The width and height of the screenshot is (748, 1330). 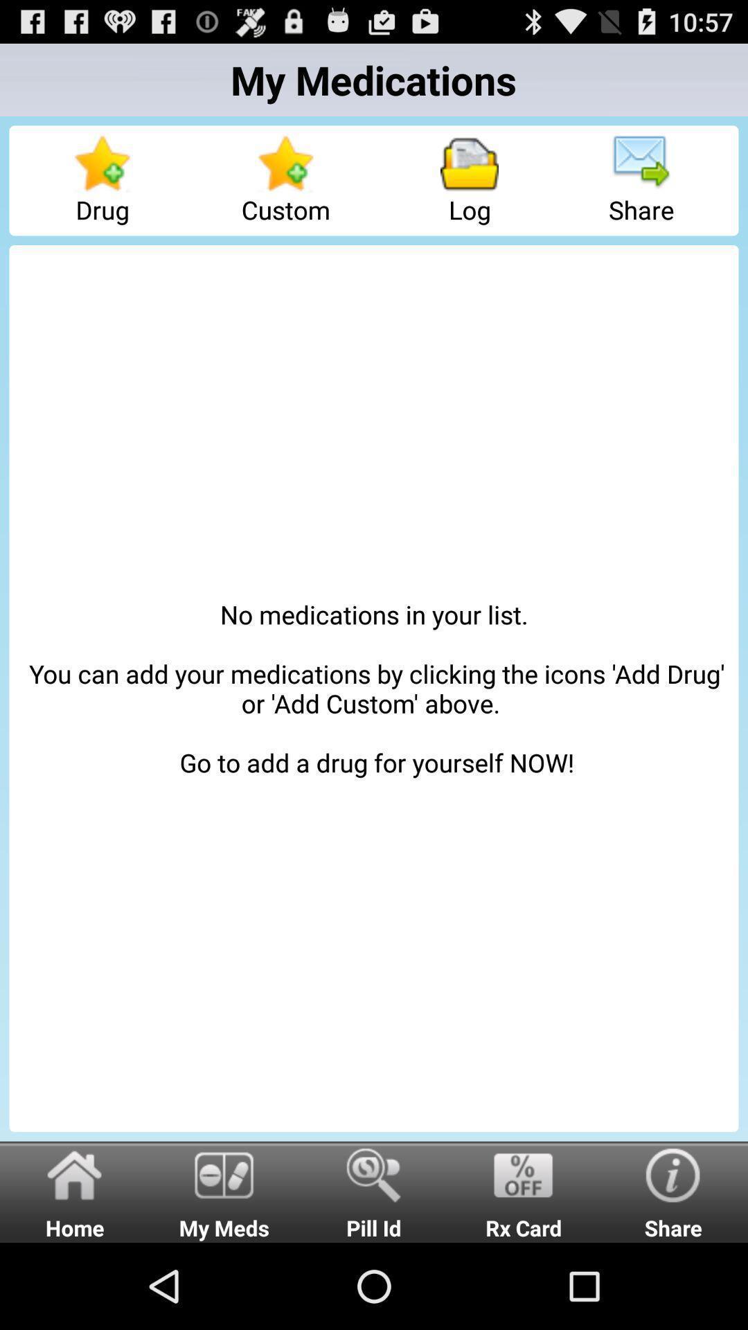 I want to click on the item to the right of my meds icon, so click(x=374, y=1191).